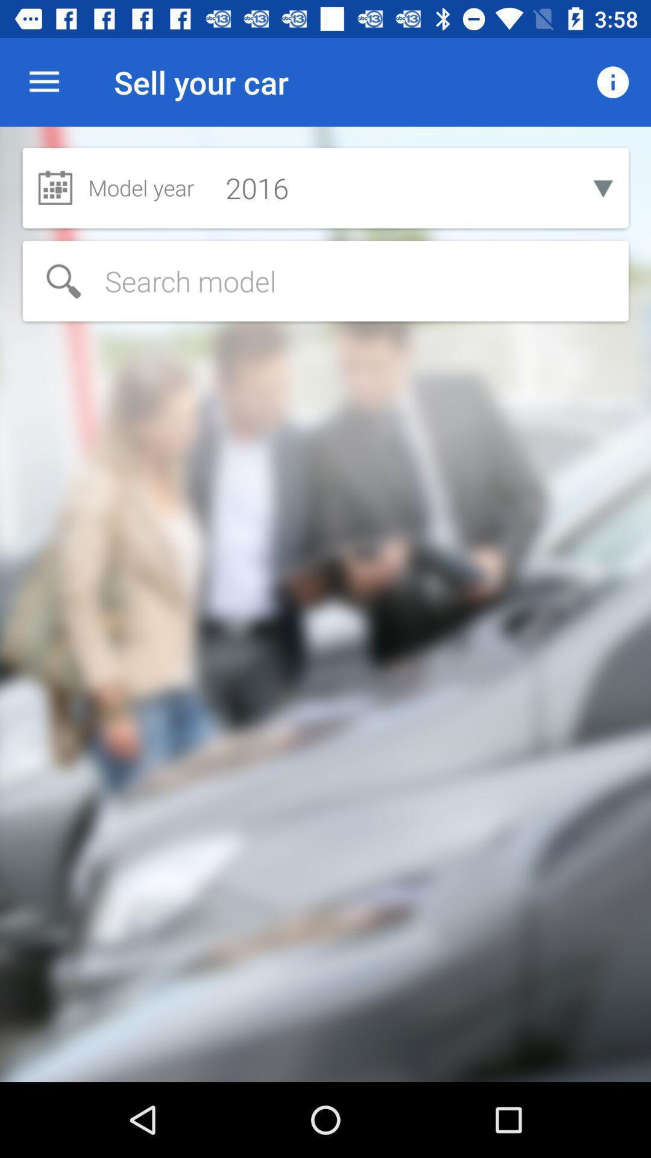 The height and width of the screenshot is (1158, 651). Describe the element at coordinates (325, 280) in the screenshot. I see `search terms` at that location.